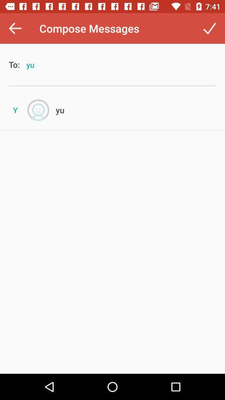 The image size is (225, 400). I want to click on y item, so click(15, 110).